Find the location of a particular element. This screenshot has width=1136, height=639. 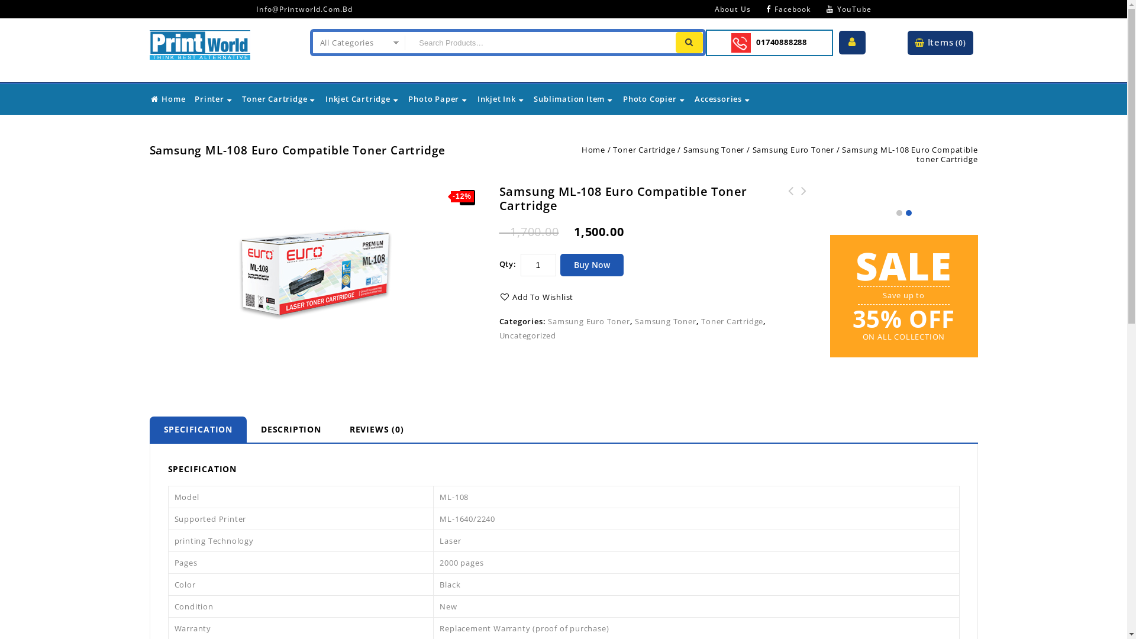

'Inkjet Cartridge' is located at coordinates (362, 98).